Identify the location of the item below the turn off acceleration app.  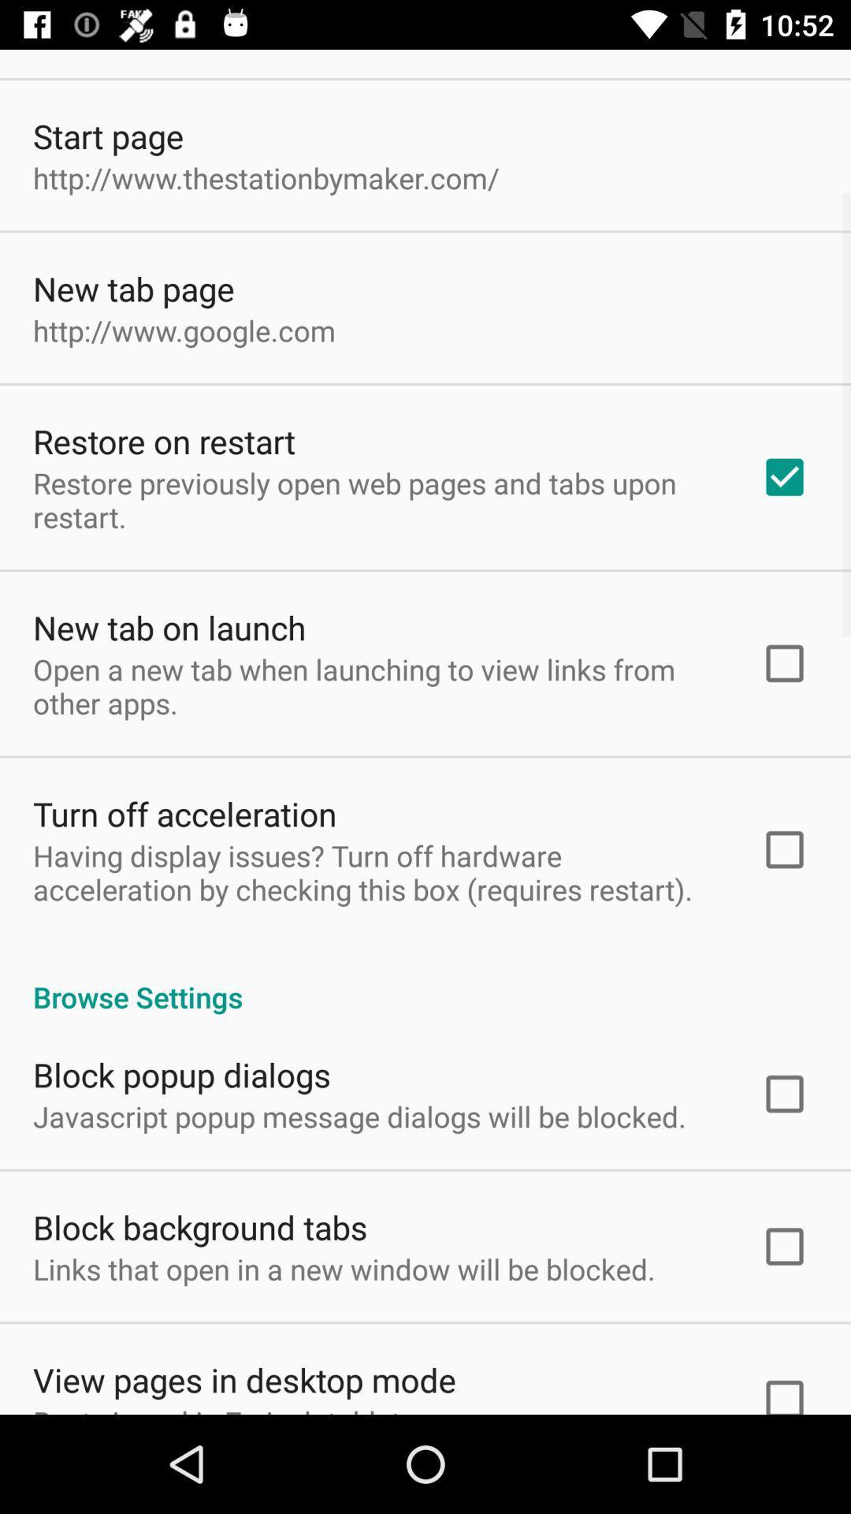
(376, 871).